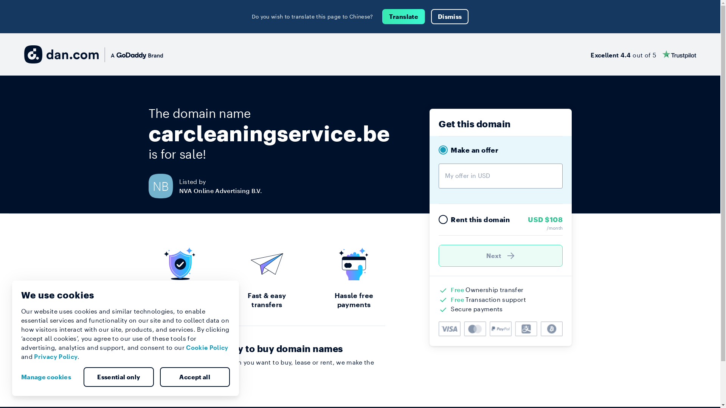  I want to click on 'Translate', so click(382, 16).